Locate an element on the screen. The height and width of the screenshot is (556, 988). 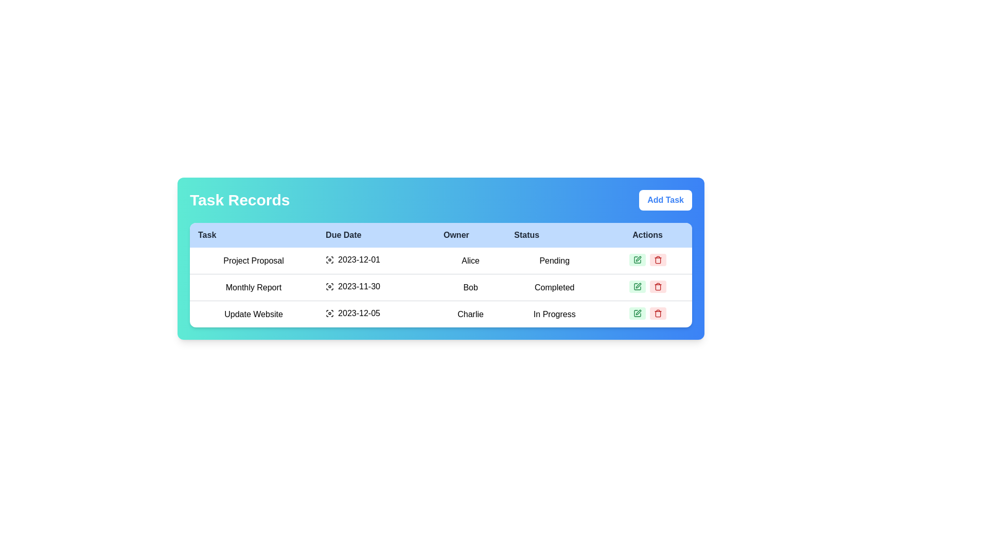
the rounded red button with a white trash can icon in the Actions column of the second row is located at coordinates (657, 286).